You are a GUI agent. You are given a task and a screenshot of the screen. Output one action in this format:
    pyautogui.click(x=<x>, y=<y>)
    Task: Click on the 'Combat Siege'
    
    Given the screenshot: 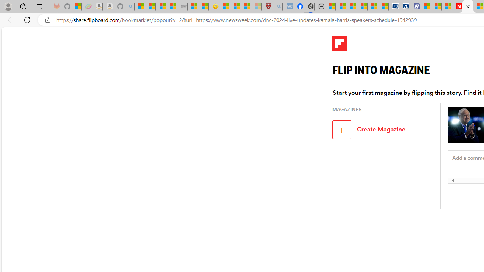 What is the action you would take?
    pyautogui.click(x=182, y=6)
    